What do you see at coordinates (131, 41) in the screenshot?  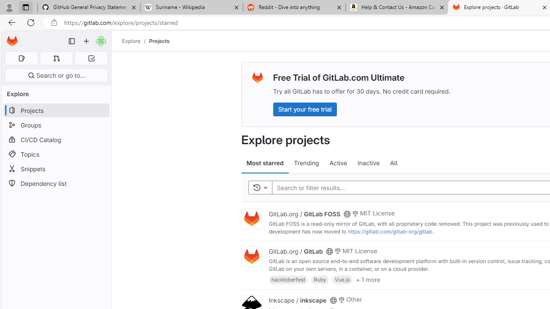 I see `'Explore'` at bounding box center [131, 41].